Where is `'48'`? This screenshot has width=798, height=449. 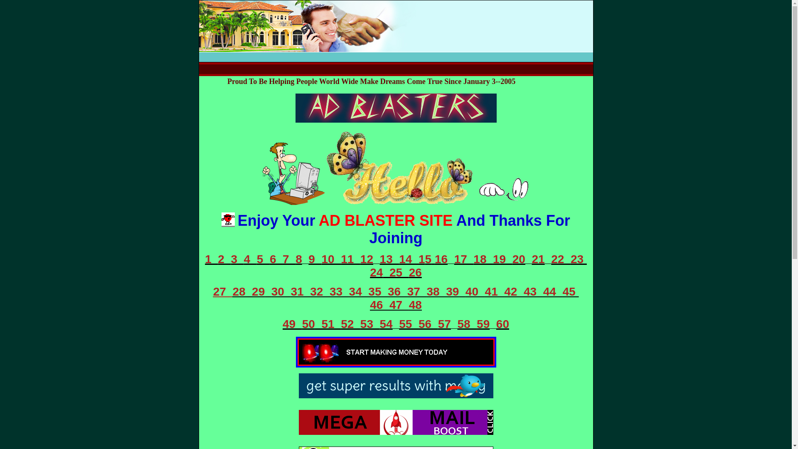
'48' is located at coordinates (415, 305).